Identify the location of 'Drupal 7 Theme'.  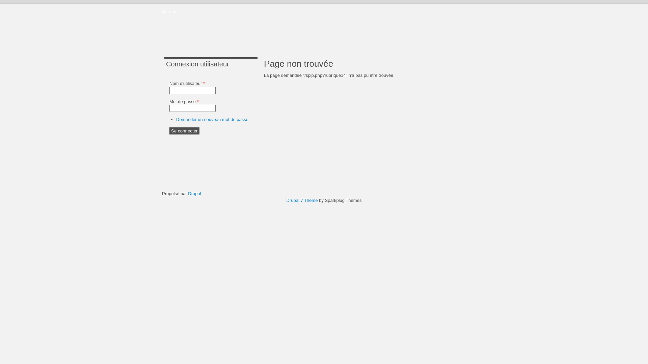
(287, 200).